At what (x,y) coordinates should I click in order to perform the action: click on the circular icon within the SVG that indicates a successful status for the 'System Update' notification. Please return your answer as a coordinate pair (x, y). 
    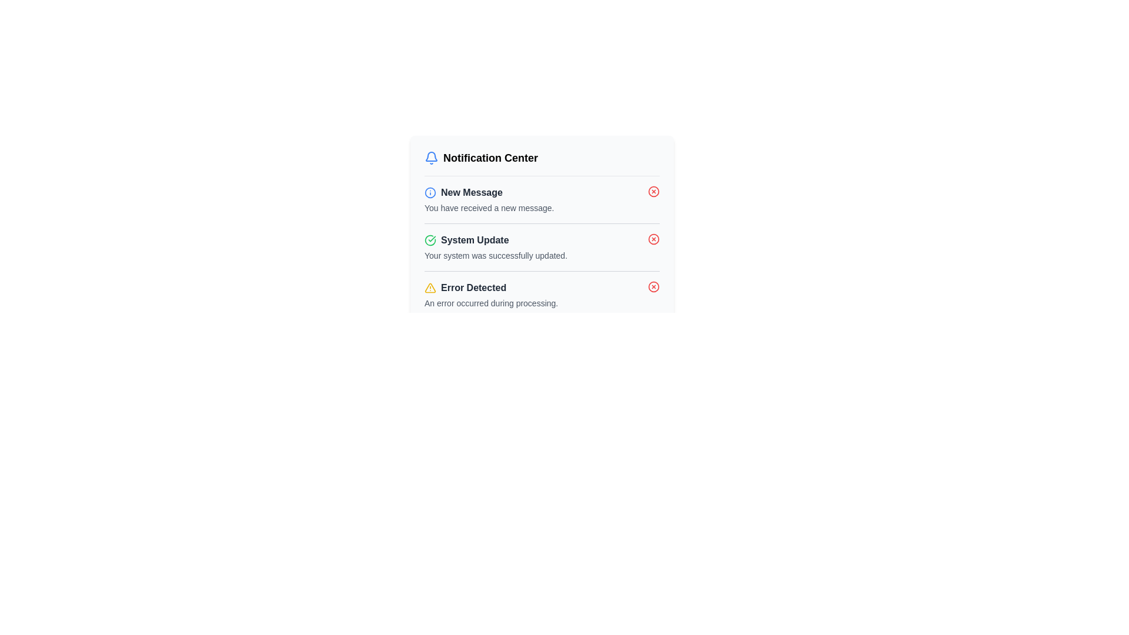
    Looking at the image, I should click on (429, 239).